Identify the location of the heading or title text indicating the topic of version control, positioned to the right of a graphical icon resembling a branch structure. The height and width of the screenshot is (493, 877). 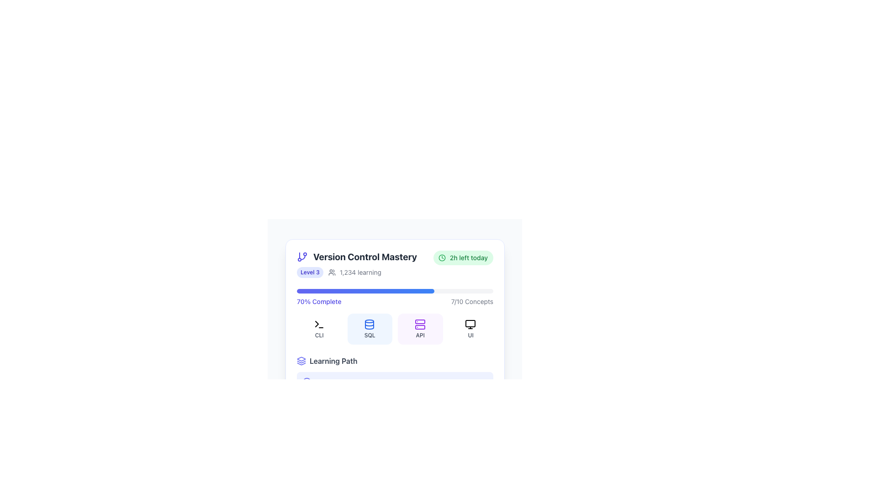
(364, 257).